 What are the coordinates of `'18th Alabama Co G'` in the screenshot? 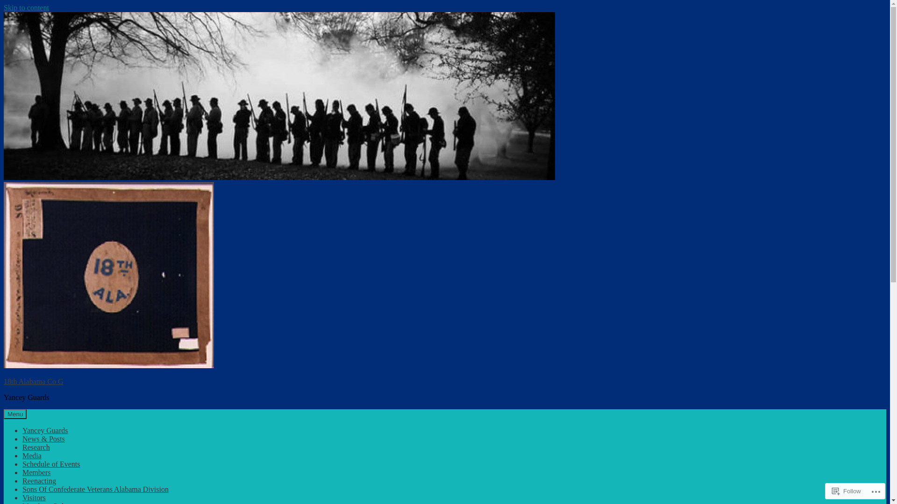 It's located at (4, 381).